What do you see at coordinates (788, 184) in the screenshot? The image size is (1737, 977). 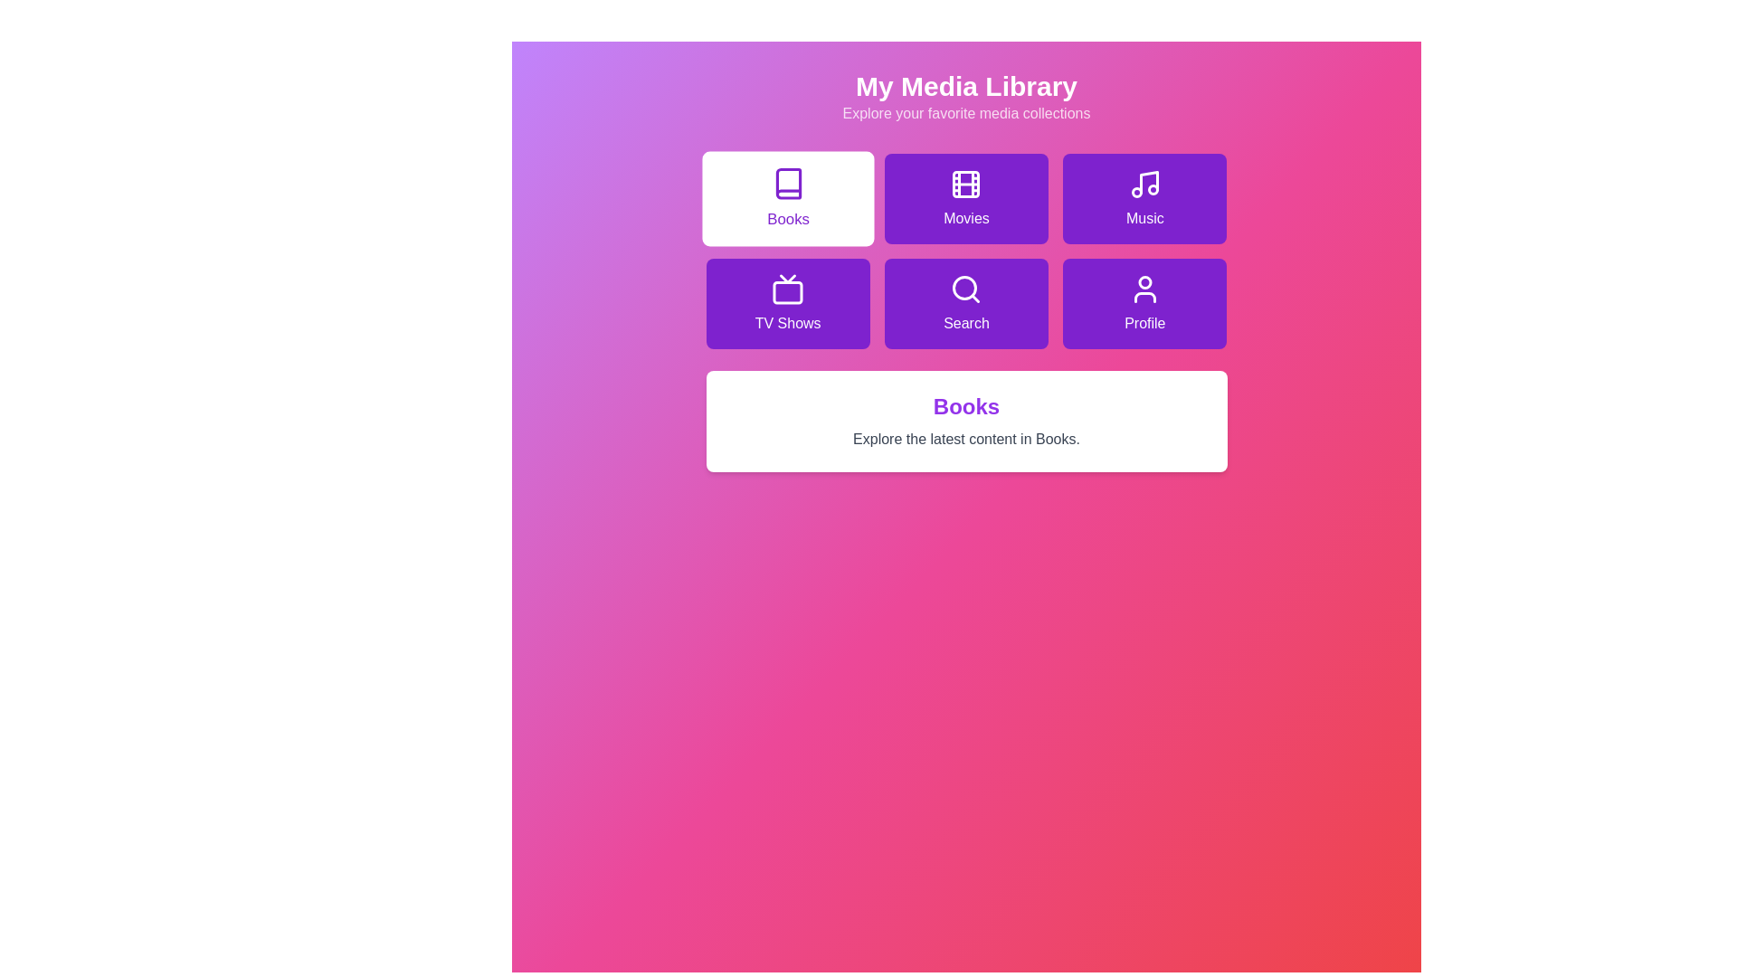 I see `the book icon with a purple outline located above the 'Books' text in the top-left grid of options` at bounding box center [788, 184].